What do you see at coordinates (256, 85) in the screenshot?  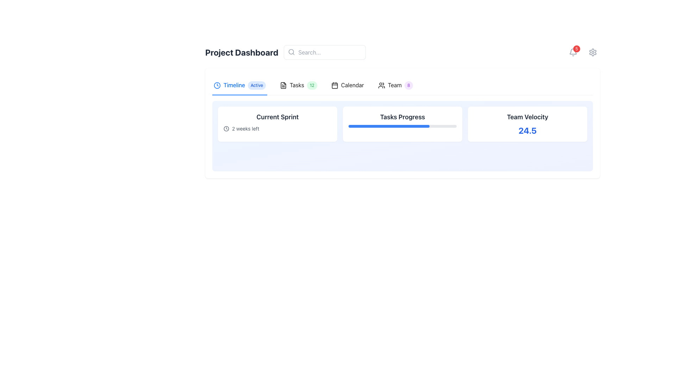 I see `the 'Active' badge, which is positioned to the right of the 'Timeline' label in the navigation bar of the Project Dashboard` at bounding box center [256, 85].